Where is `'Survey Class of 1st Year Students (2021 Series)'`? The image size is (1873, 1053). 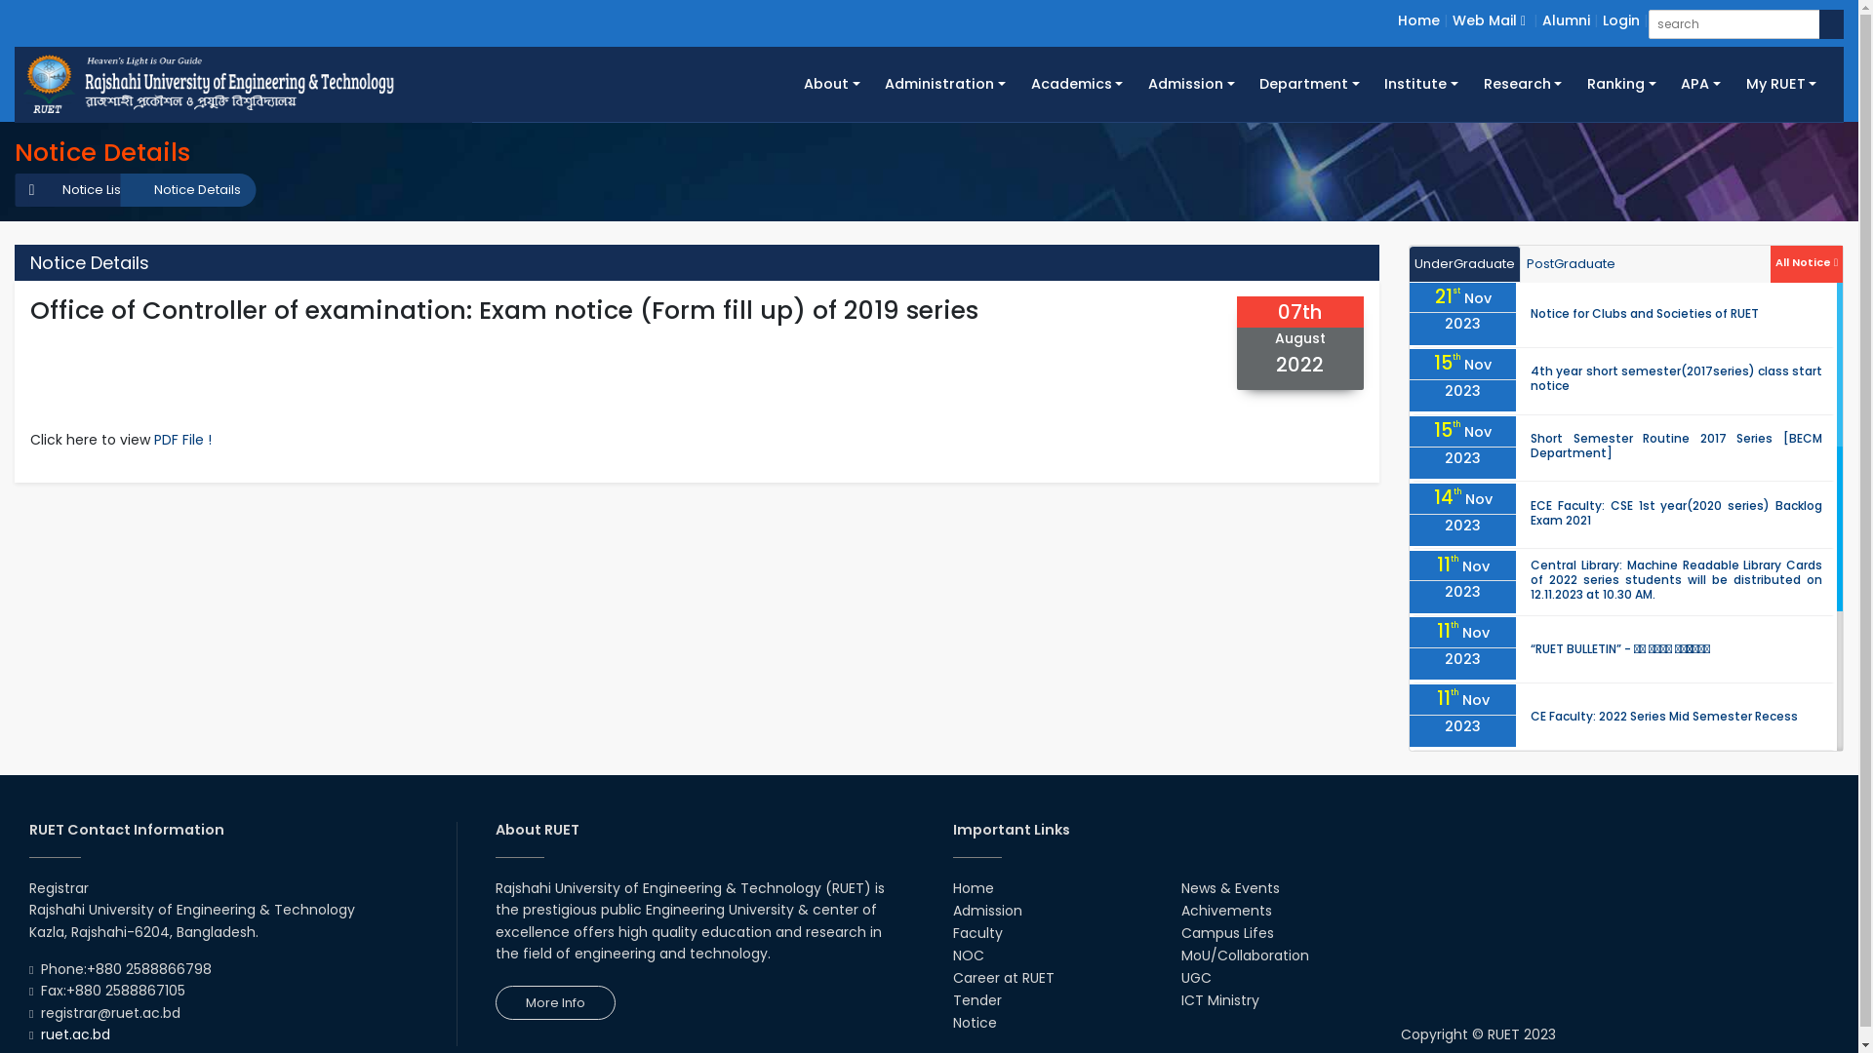
'Survey Class of 1st Year Students (2021 Series)' is located at coordinates (1669, 848).